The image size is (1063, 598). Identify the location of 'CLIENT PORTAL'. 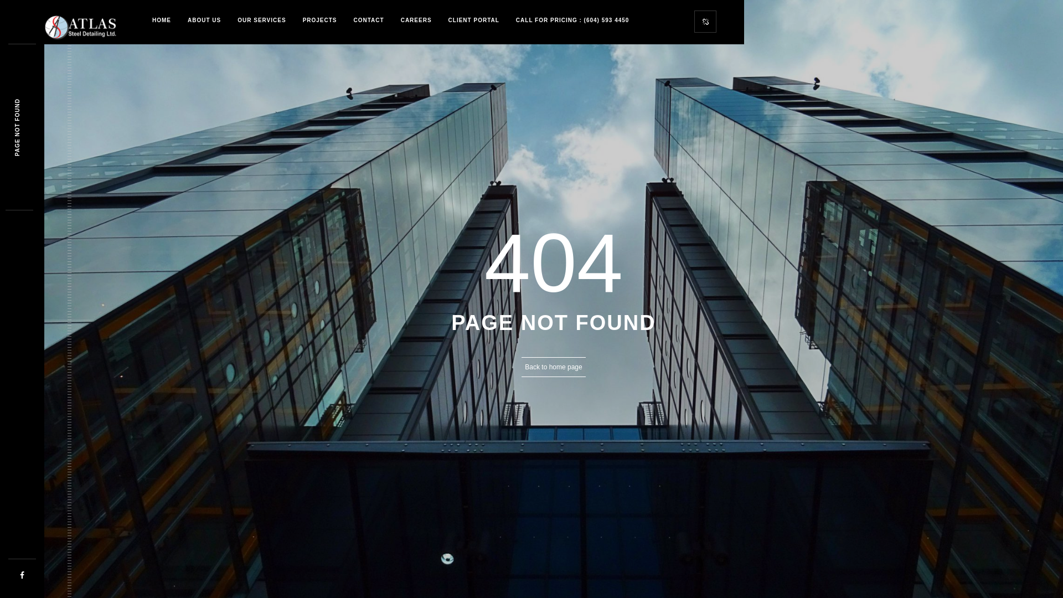
(440, 20).